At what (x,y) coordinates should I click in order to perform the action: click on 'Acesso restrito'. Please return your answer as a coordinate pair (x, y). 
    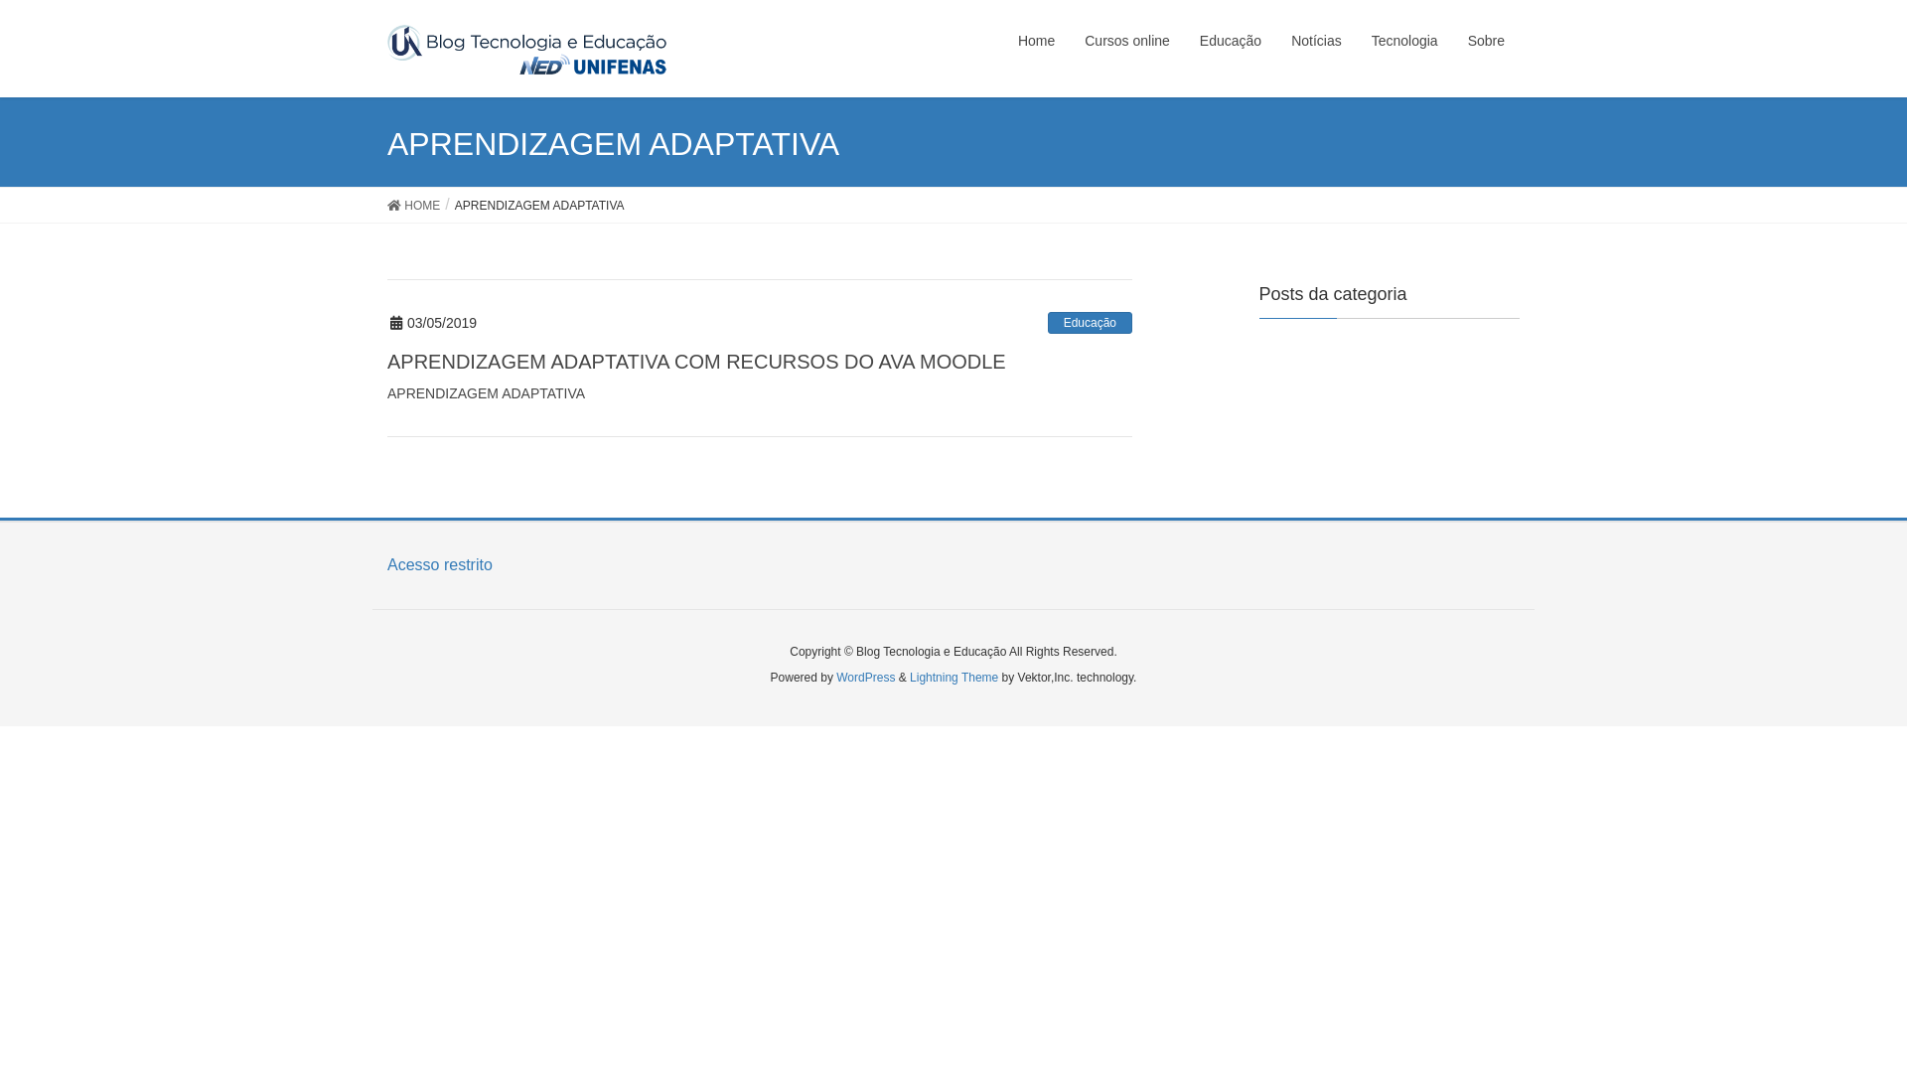
    Looking at the image, I should click on (386, 564).